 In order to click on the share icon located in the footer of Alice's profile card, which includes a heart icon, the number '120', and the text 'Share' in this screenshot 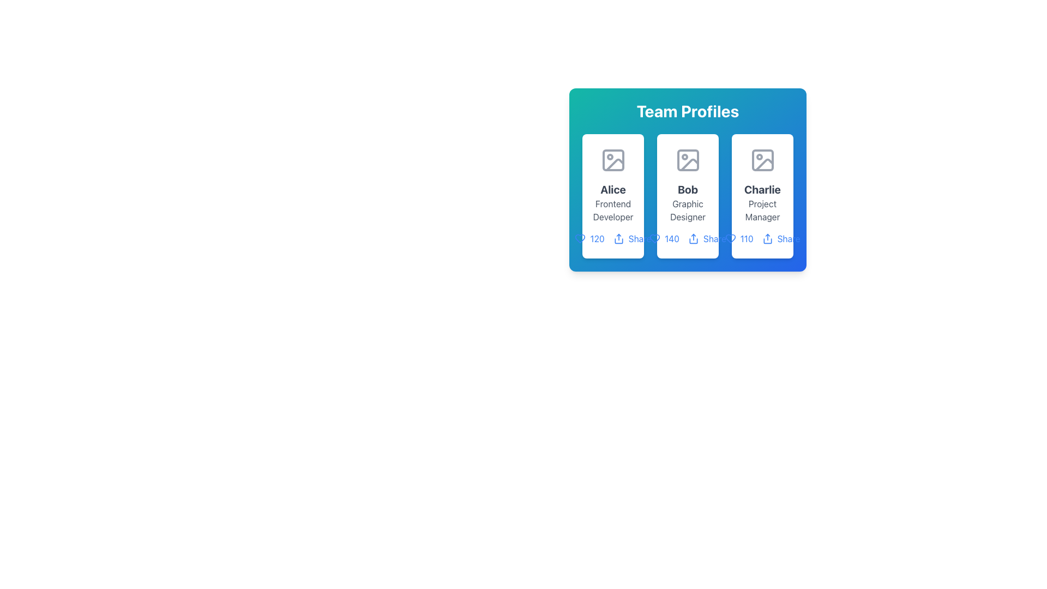, I will do `click(613, 238)`.